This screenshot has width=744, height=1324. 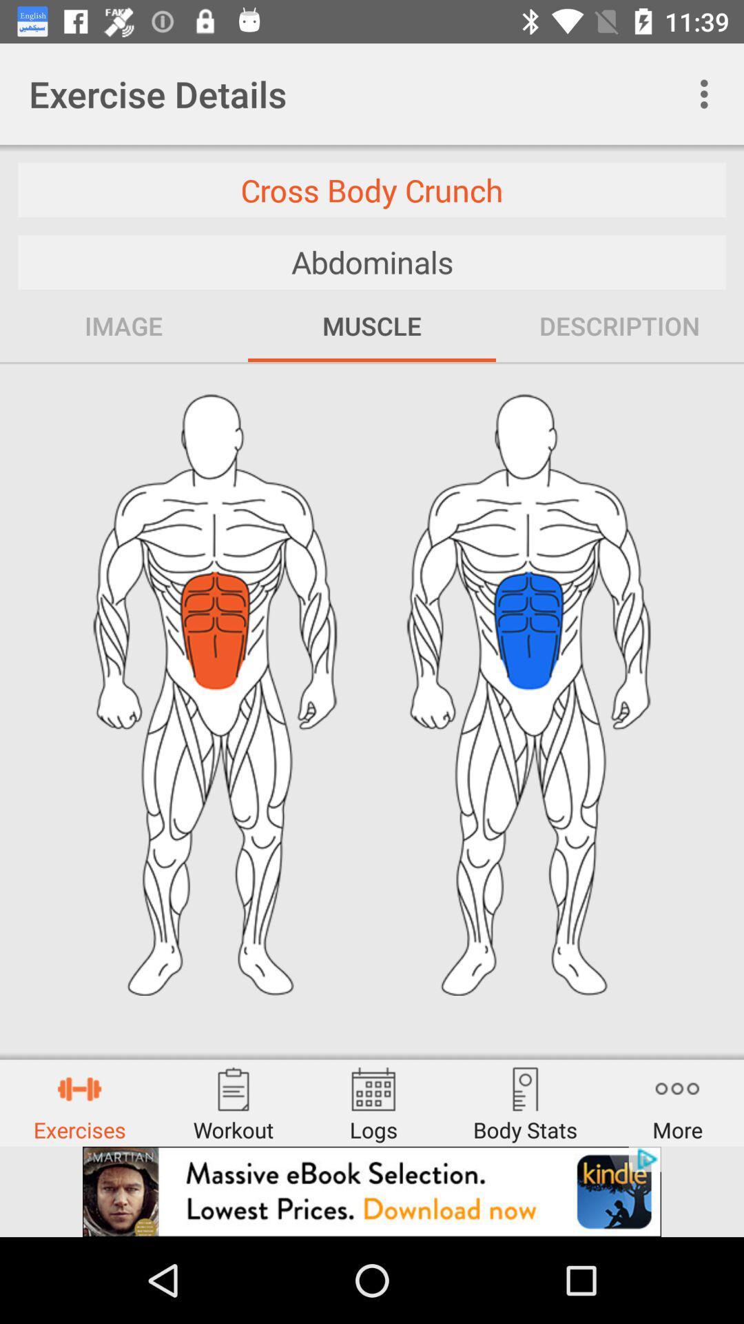 I want to click on banner advertisement, so click(x=372, y=1191).